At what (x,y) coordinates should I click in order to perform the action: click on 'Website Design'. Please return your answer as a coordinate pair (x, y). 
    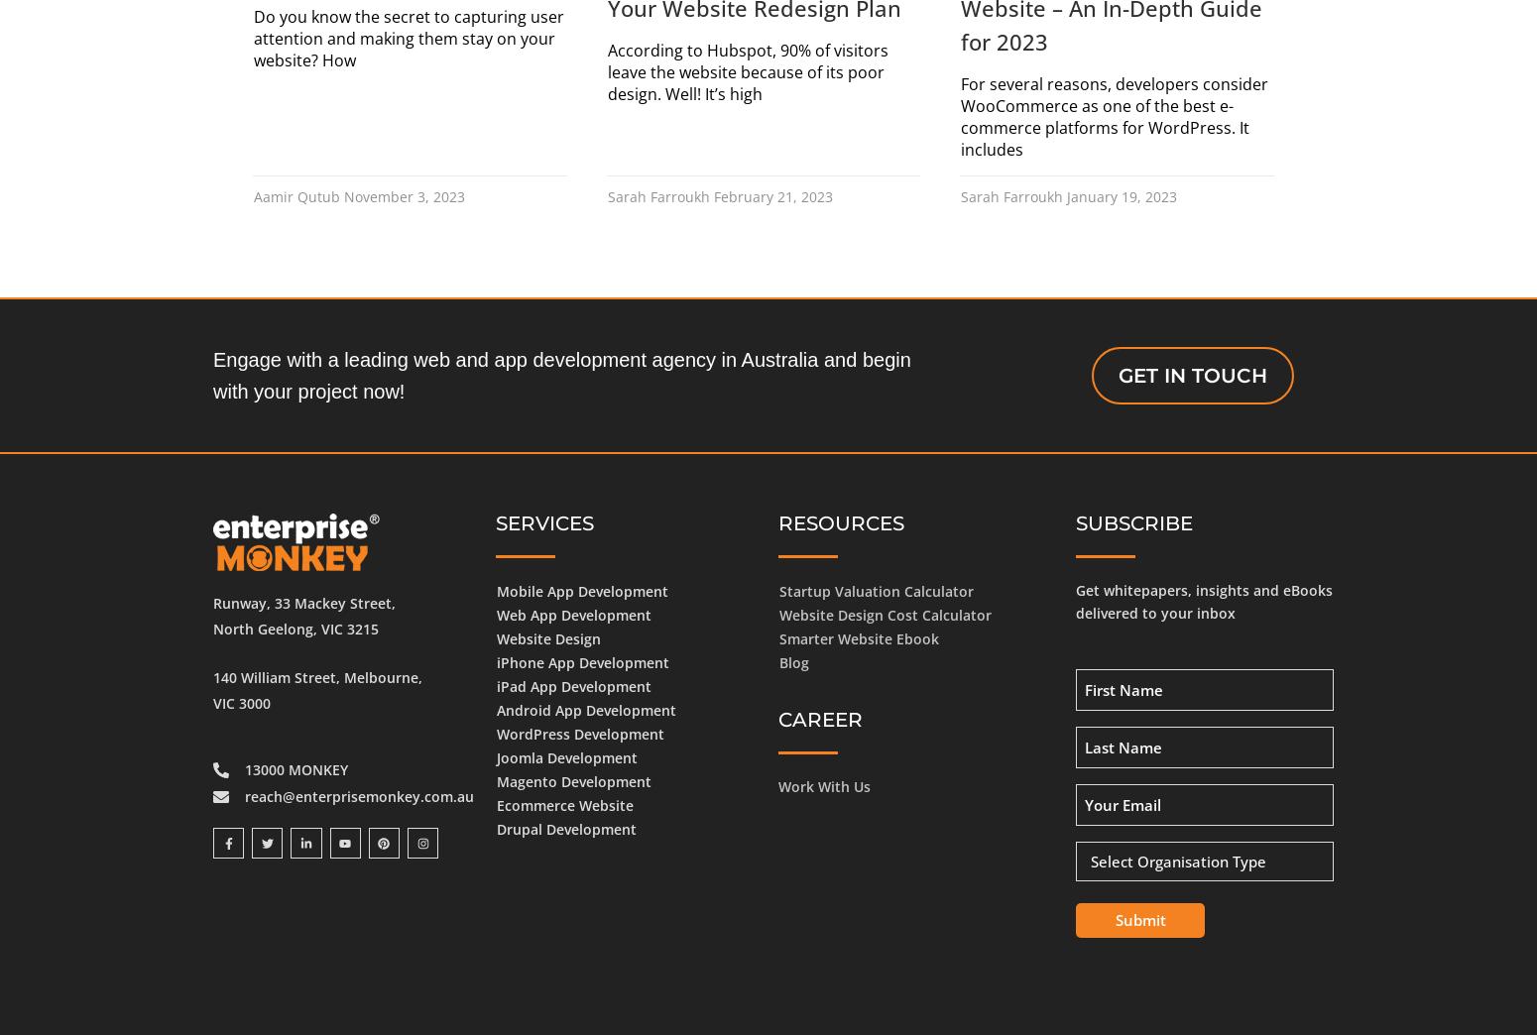
    Looking at the image, I should click on (548, 638).